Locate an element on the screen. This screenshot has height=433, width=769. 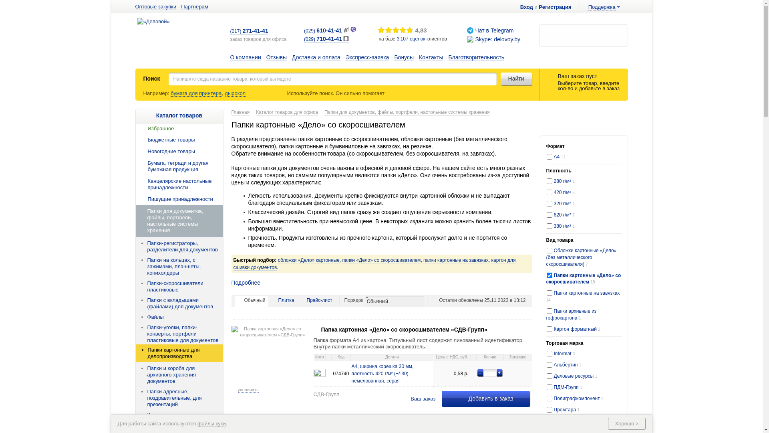
'Skype: delovoy.by' is located at coordinates (497, 39).